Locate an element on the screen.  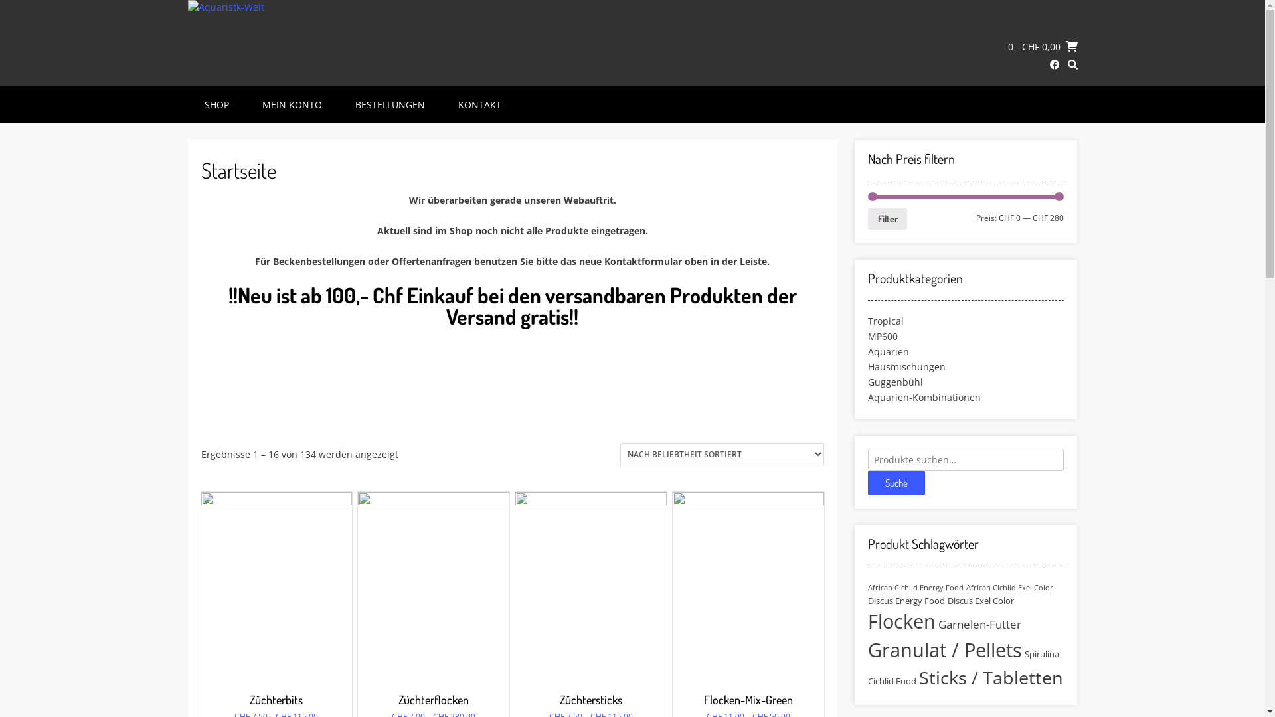
'Discus Energy Food' is located at coordinates (905, 601).